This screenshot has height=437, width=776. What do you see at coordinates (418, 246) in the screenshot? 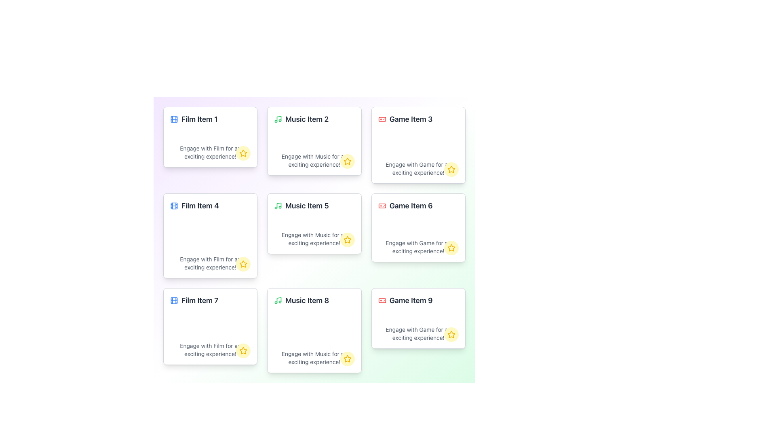
I see `text label that displays 'Engage with Game for an exciting experience!' located at the bottom of the card for 'Game Item 6.'` at bounding box center [418, 246].